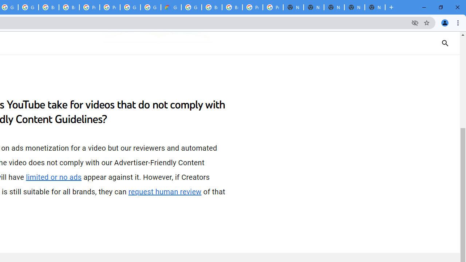 The width and height of the screenshot is (466, 262). Describe the element at coordinates (415, 22) in the screenshot. I see `'Third-party cookies blocked'` at that location.